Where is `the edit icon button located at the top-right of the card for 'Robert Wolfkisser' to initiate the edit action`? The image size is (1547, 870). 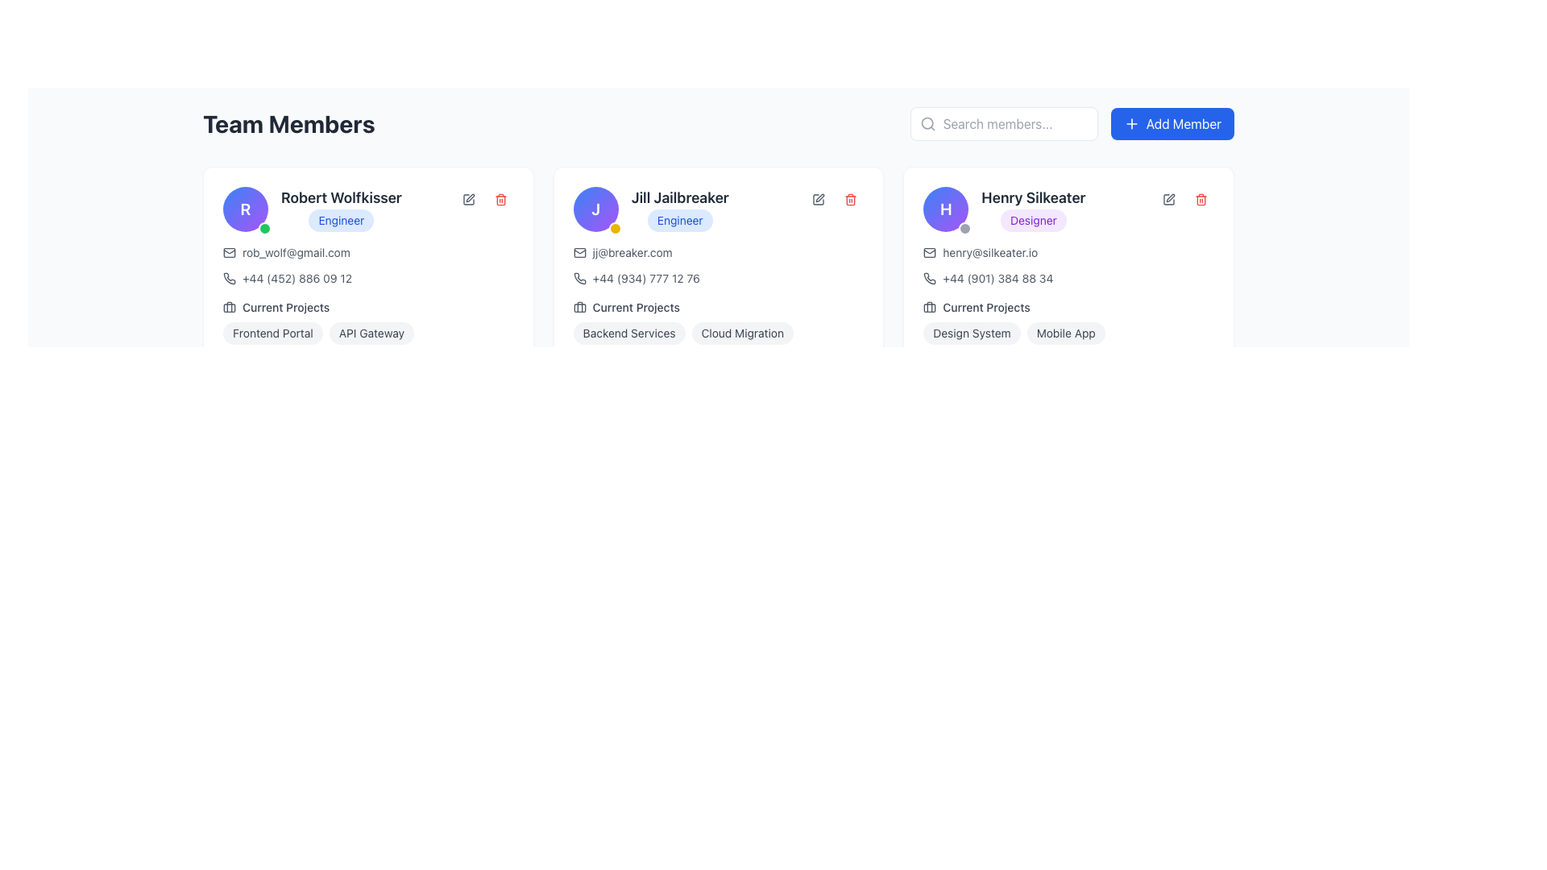
the edit icon button located at the top-right of the card for 'Robert Wolfkisser' to initiate the edit action is located at coordinates (467, 198).